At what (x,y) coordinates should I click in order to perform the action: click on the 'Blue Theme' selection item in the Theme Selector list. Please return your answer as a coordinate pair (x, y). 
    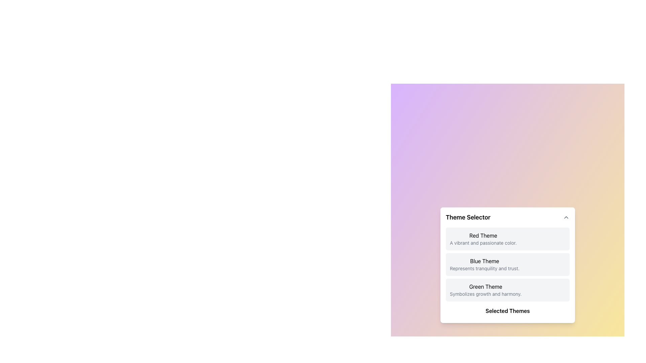
    Looking at the image, I should click on (485, 264).